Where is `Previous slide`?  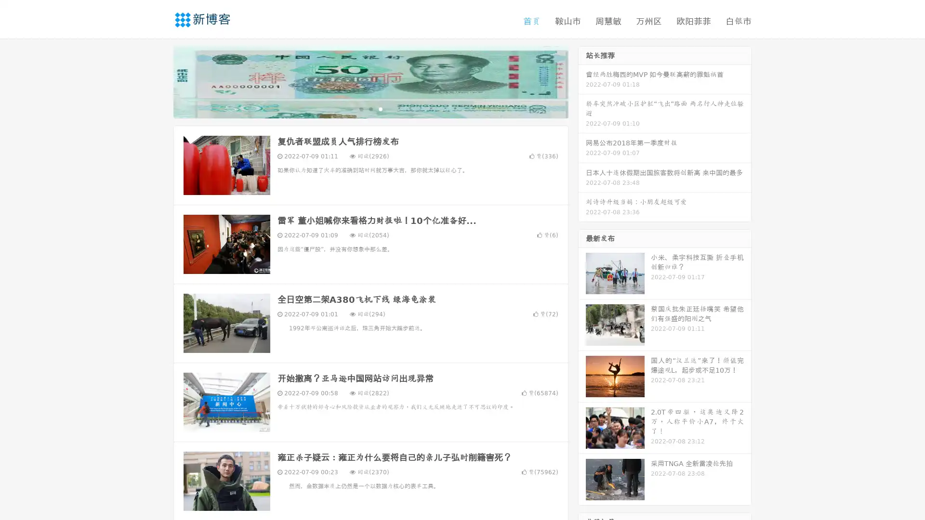
Previous slide is located at coordinates (159, 81).